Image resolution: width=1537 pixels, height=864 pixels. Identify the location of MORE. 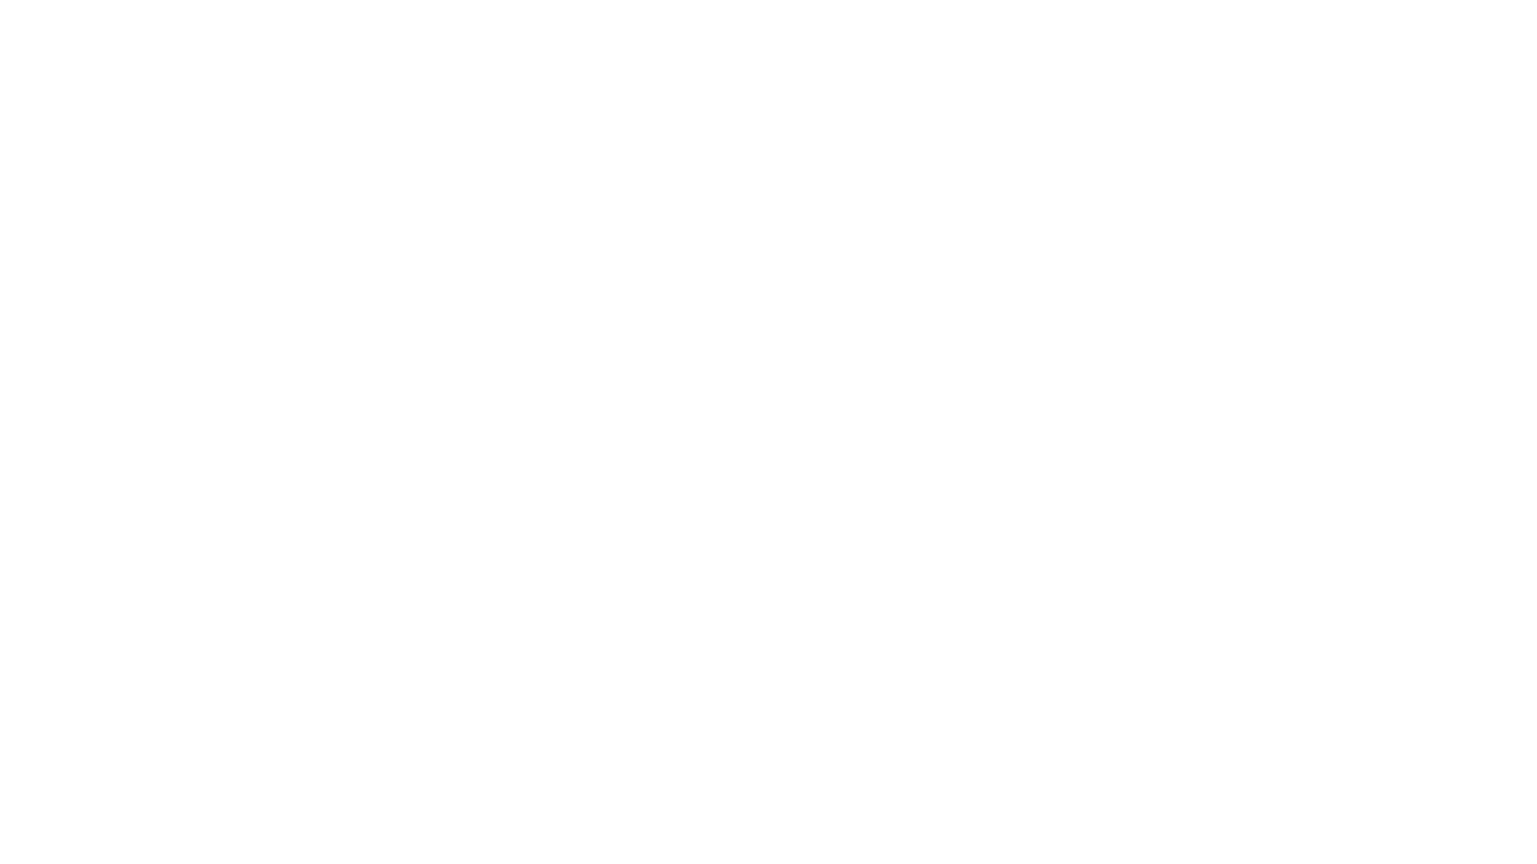
(1053, 25).